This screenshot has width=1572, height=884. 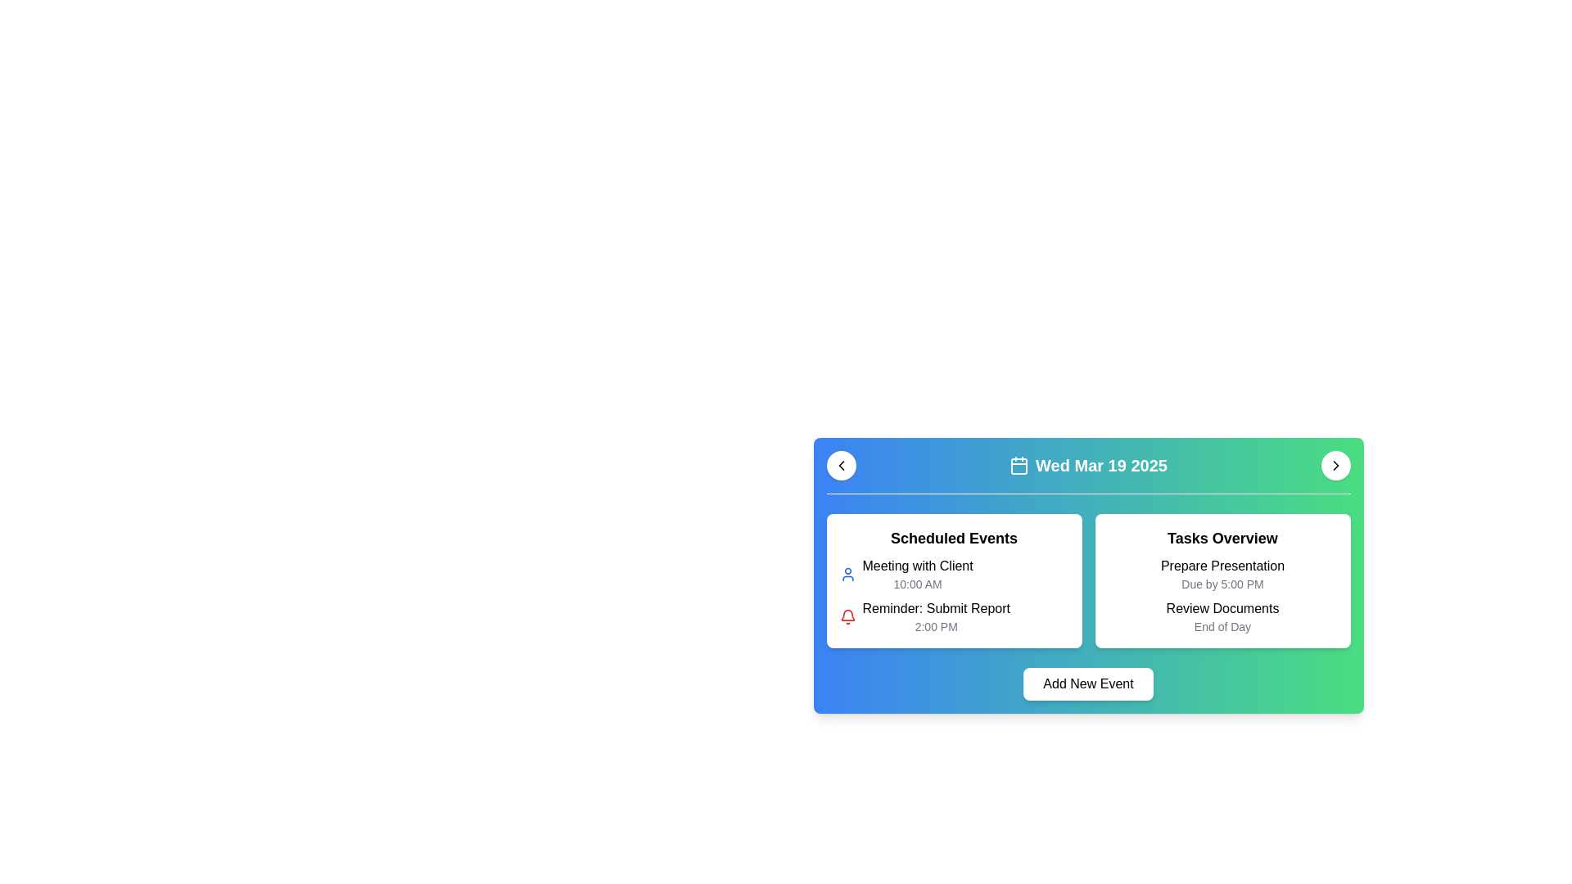 I want to click on the circular button with a white background and left-chevron icon located at the top-left corner of the card header with the date 'Wed Mar 19 2025.', so click(x=841, y=466).